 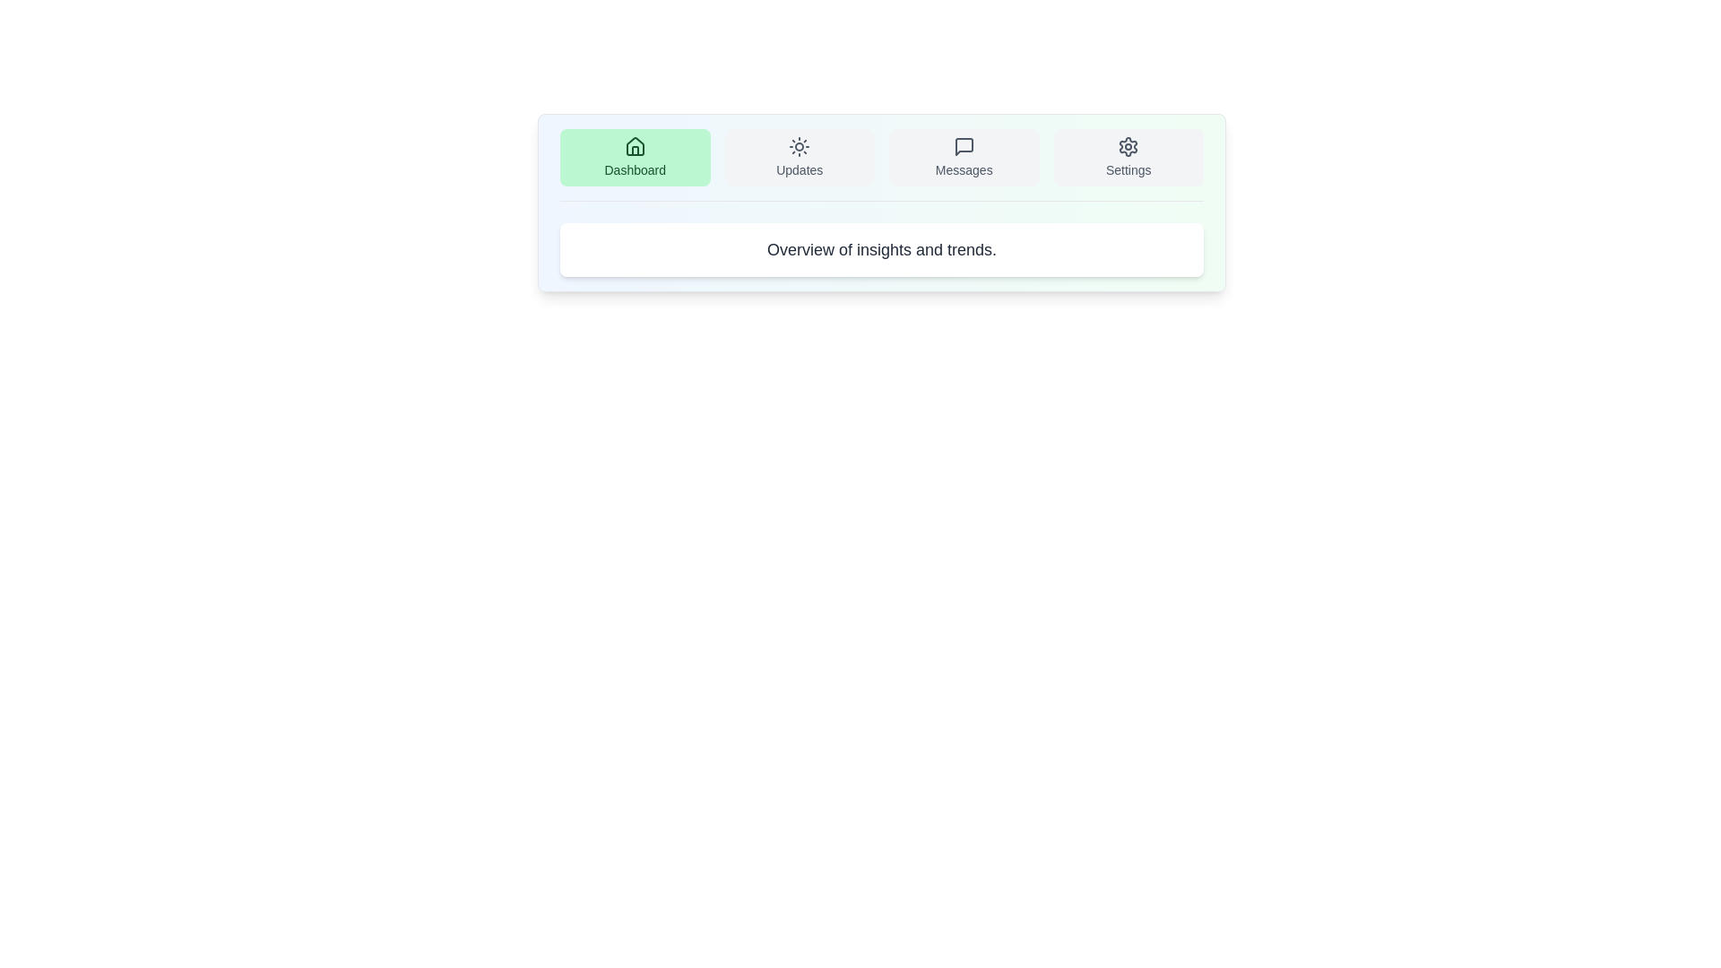 What do you see at coordinates (635, 157) in the screenshot?
I see `the Dashboard tab to view its content` at bounding box center [635, 157].